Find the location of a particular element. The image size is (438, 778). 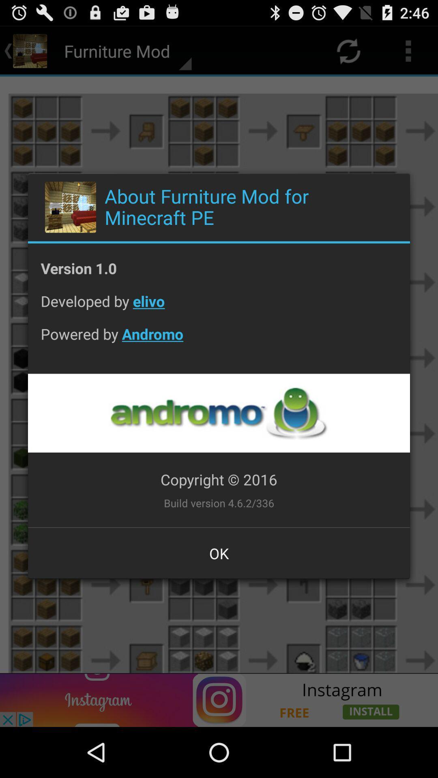

developed by elivo icon is located at coordinates (219, 307).